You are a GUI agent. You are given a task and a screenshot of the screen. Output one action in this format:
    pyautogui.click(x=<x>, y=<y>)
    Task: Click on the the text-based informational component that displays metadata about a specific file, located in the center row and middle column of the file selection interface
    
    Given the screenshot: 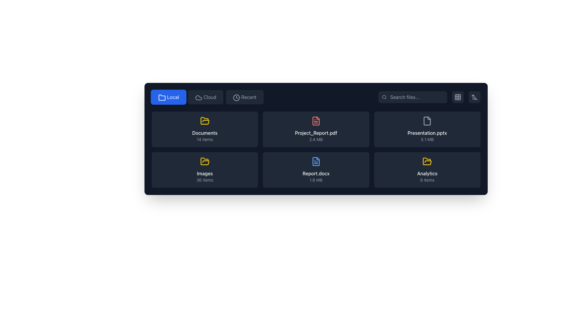 What is the action you would take?
    pyautogui.click(x=315, y=136)
    